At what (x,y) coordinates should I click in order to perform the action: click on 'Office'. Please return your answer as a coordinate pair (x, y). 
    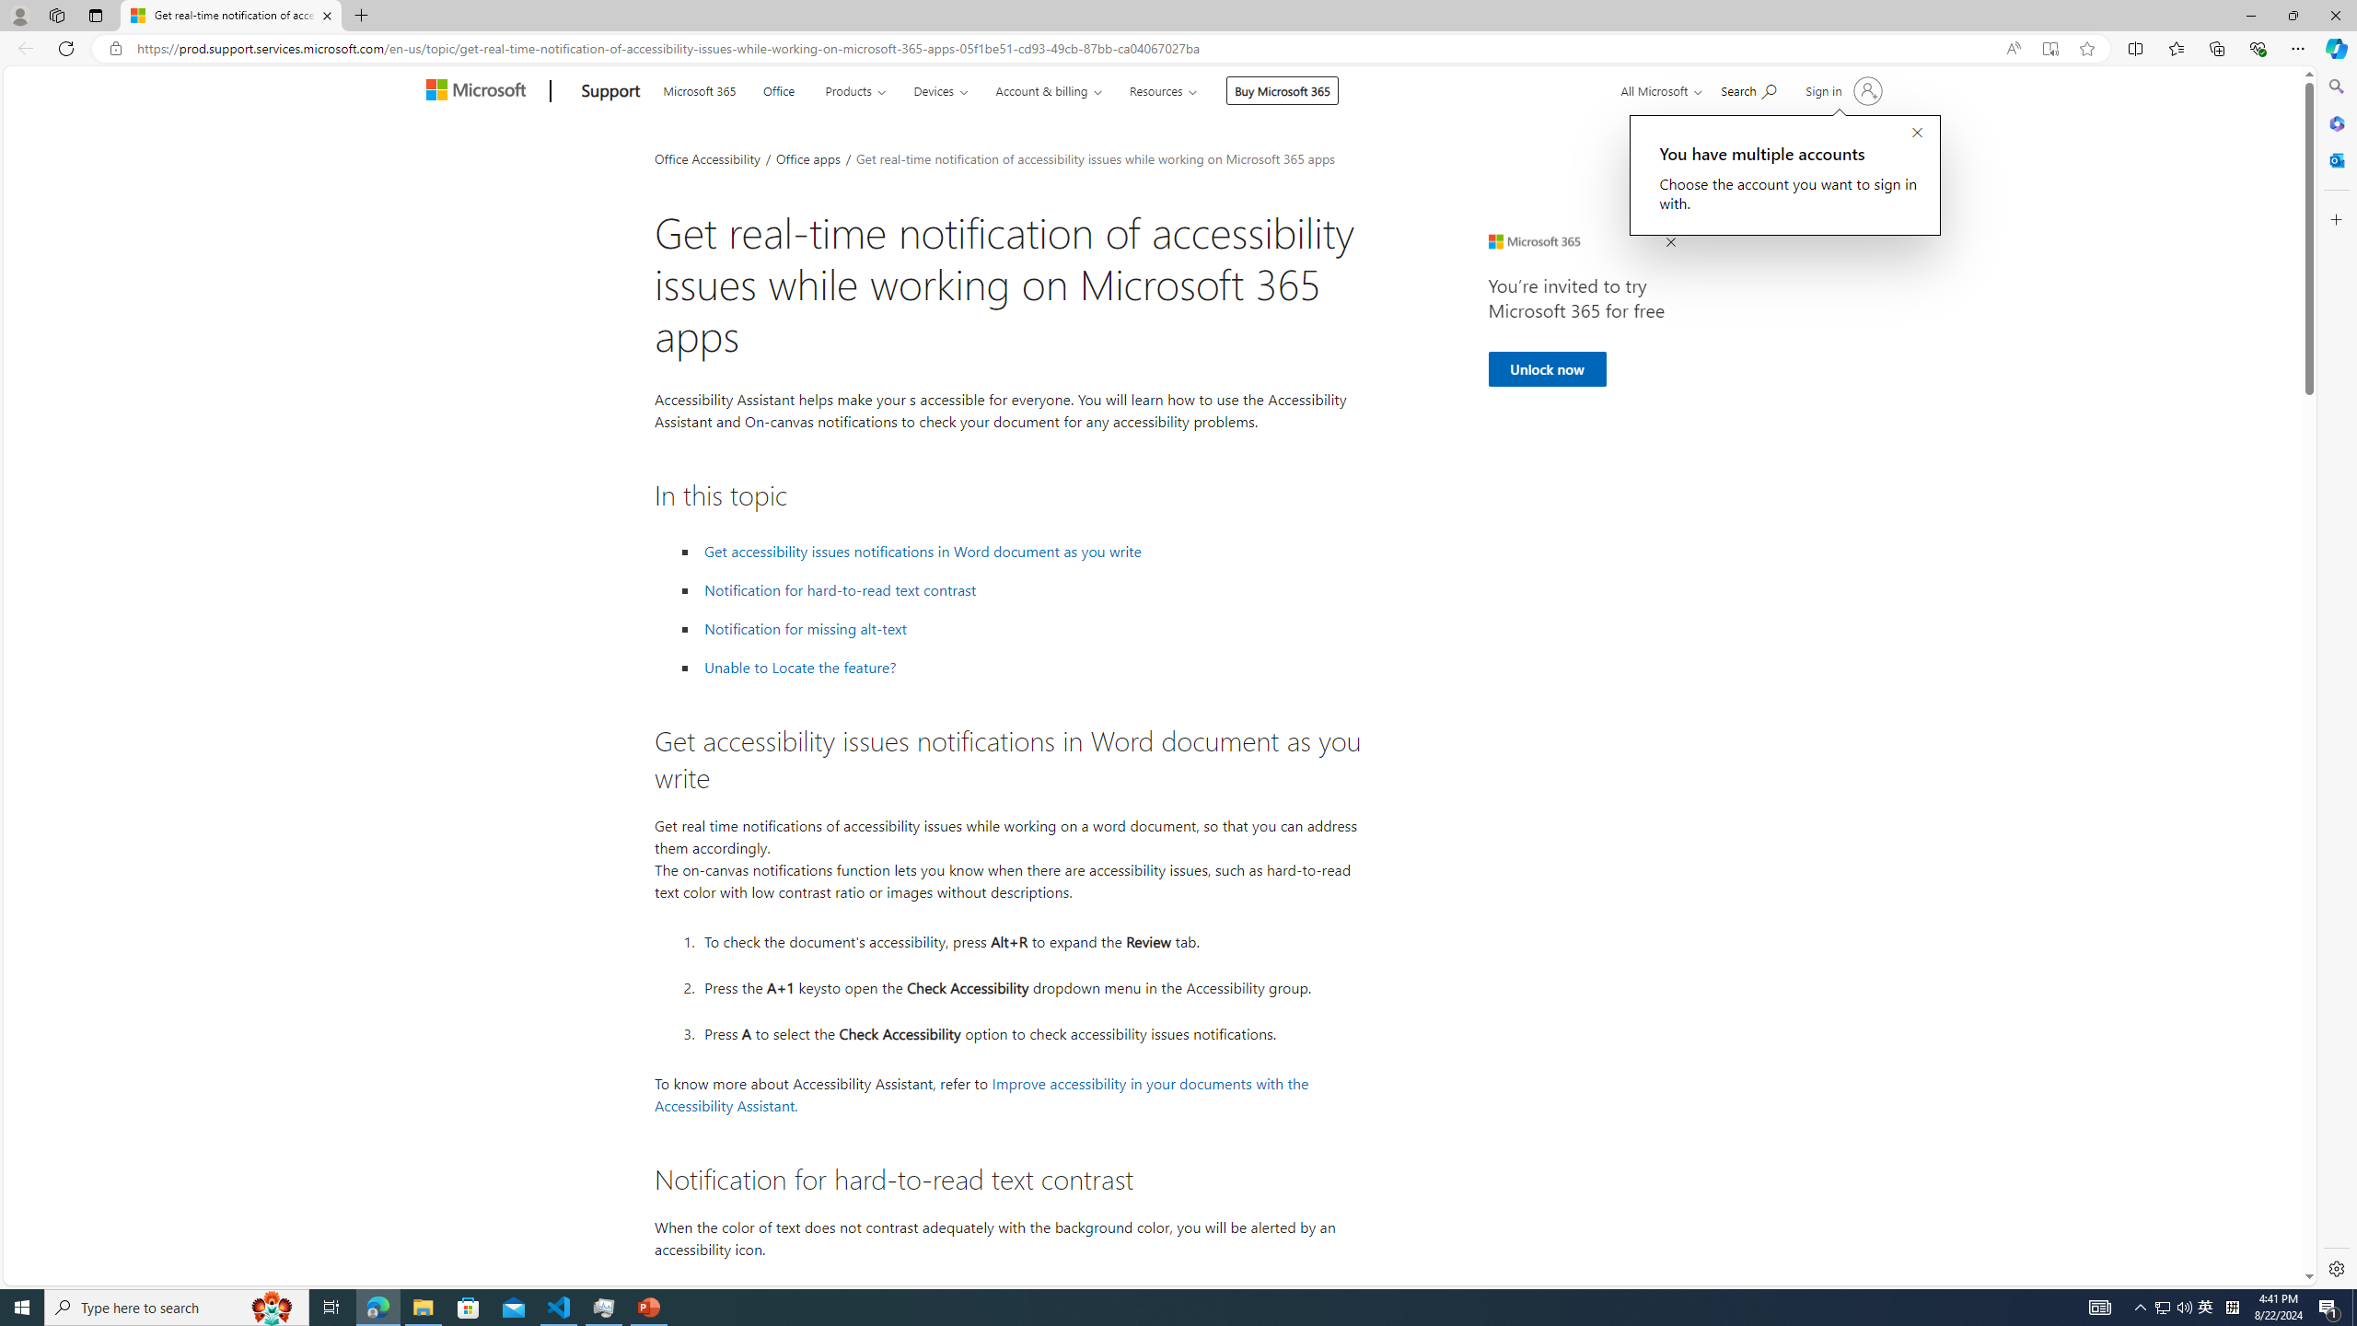
    Looking at the image, I should click on (778, 87).